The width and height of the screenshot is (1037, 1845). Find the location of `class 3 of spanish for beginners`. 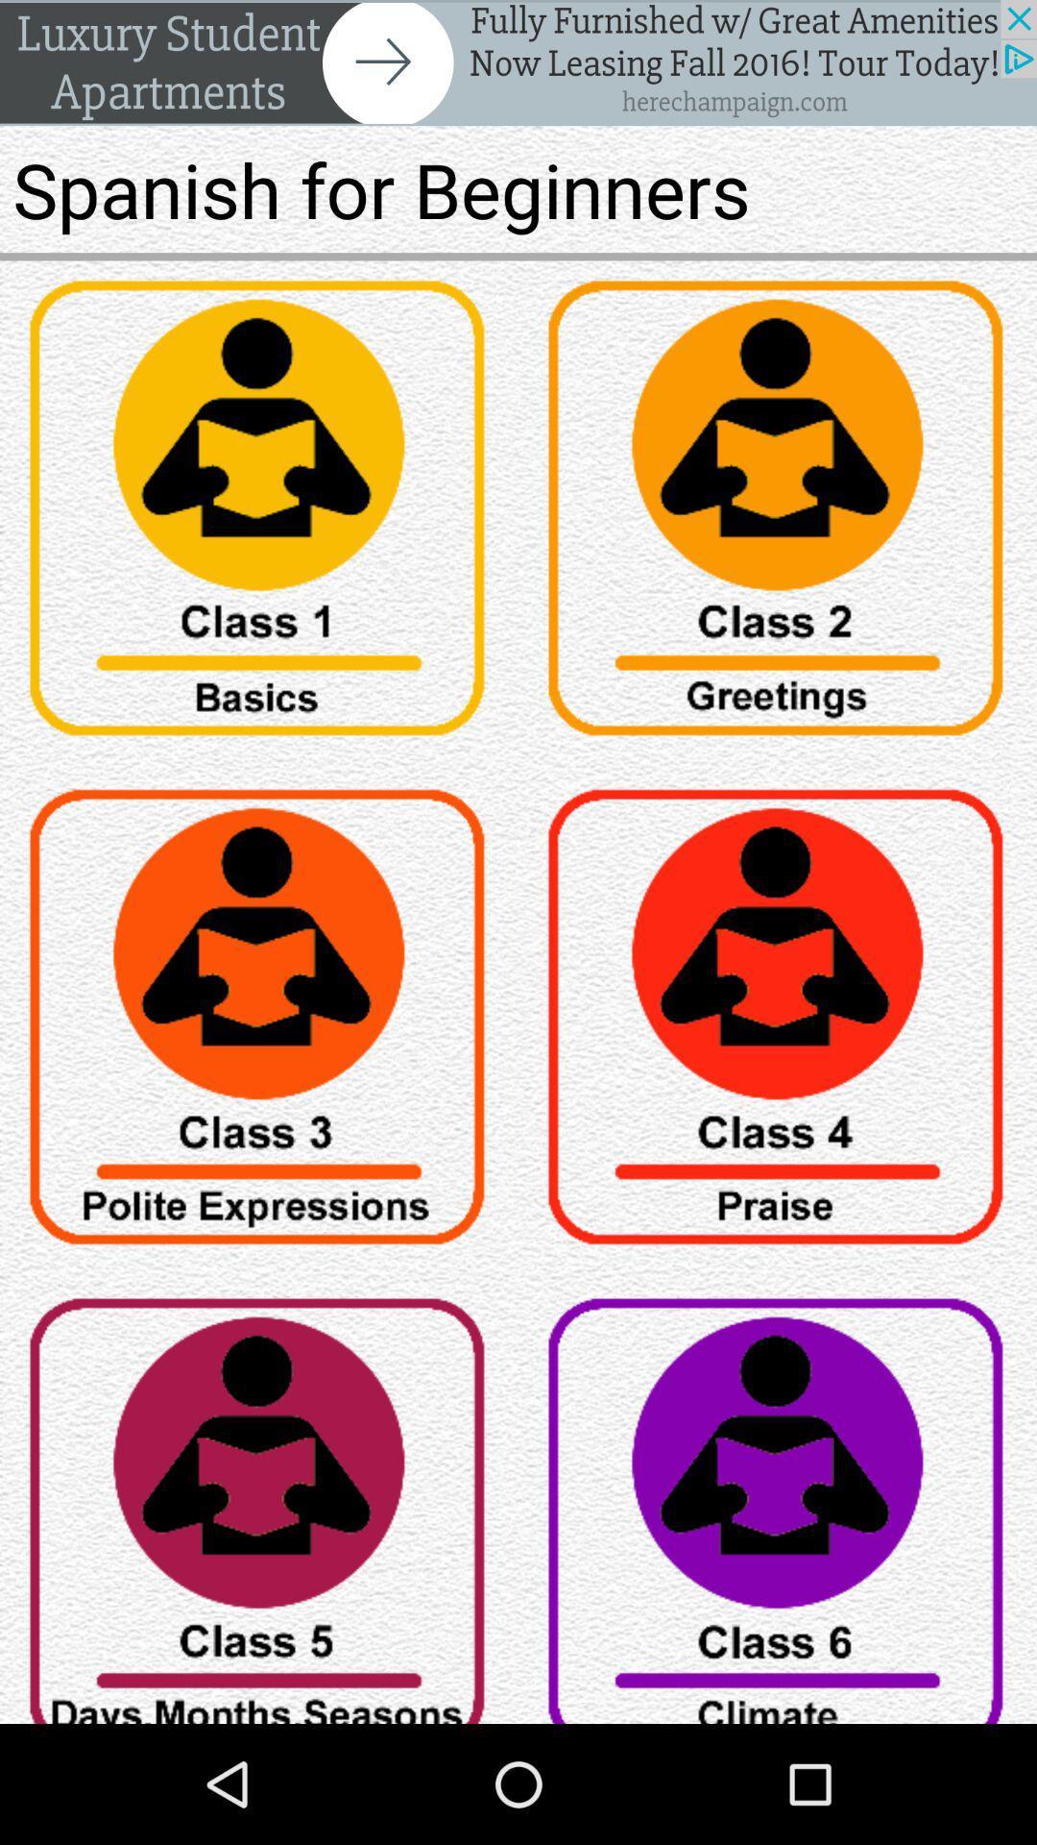

class 3 of spanish for beginners is located at coordinates (259, 1022).